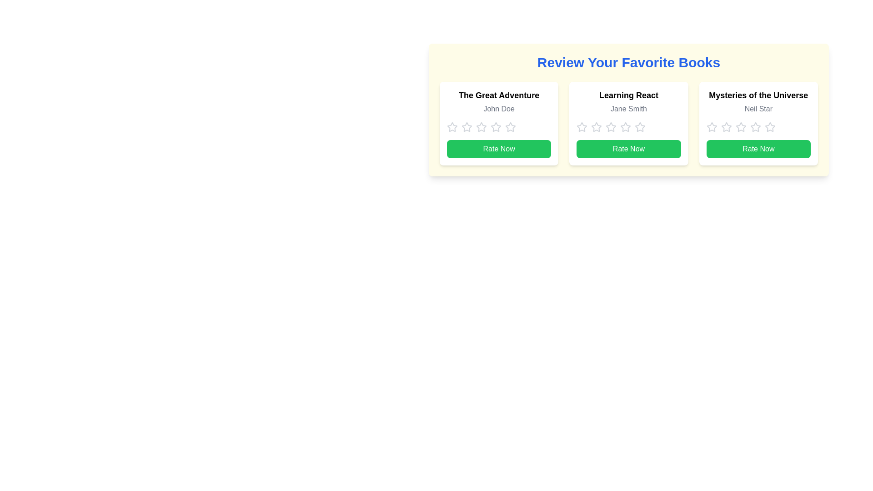 This screenshot has height=491, width=873. Describe the element at coordinates (741, 127) in the screenshot. I see `the fourth star rating icon for the book 'Mysteries of the Universe', located below 'Neil Star' and above the 'Rate Now' button` at that location.